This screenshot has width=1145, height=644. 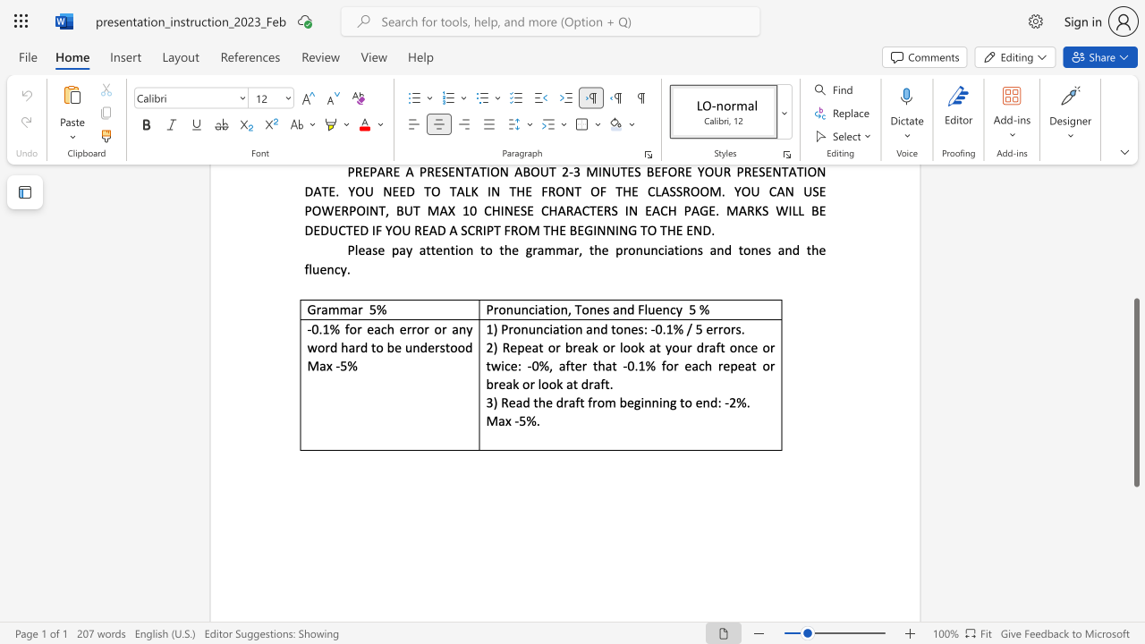 I want to click on the scrollbar to scroll upward, so click(x=1135, y=277).